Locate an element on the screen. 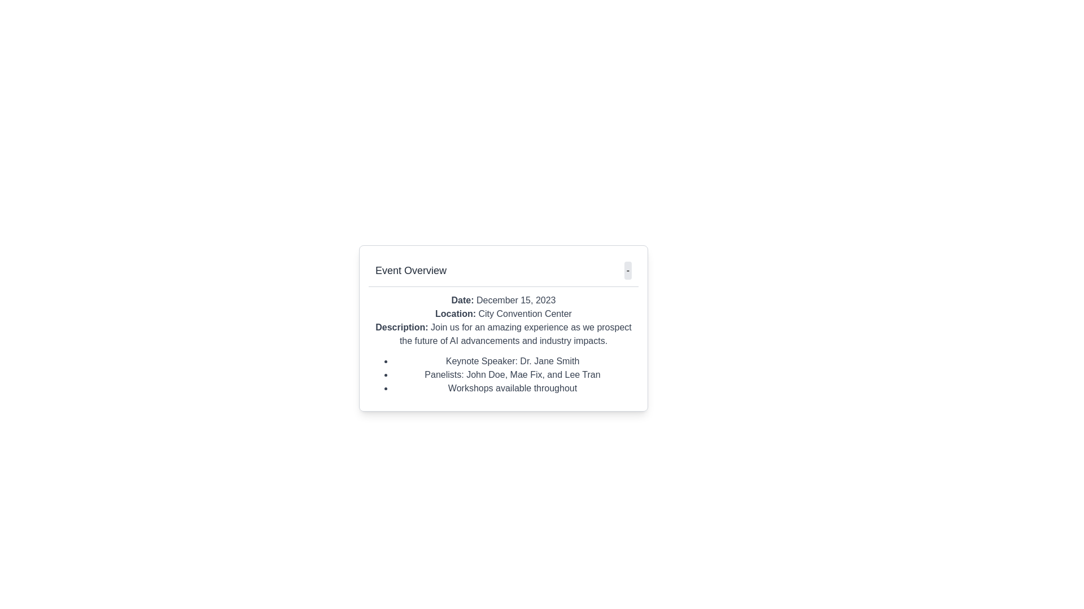  the label and value pair for the event date, which is located above the 'Location' descriptor and below the 'Event Overview' title is located at coordinates (503, 299).